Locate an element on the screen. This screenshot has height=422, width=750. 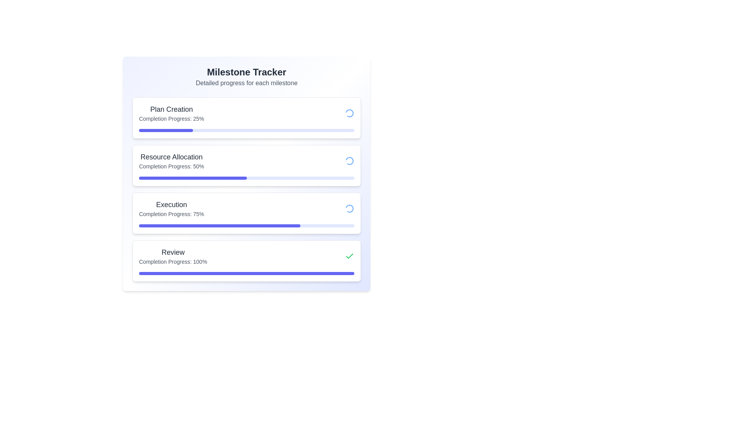
the Text label indicating the completion progress of the 'Plan Creation' milestone at 25% for accessibility options is located at coordinates (171, 119).